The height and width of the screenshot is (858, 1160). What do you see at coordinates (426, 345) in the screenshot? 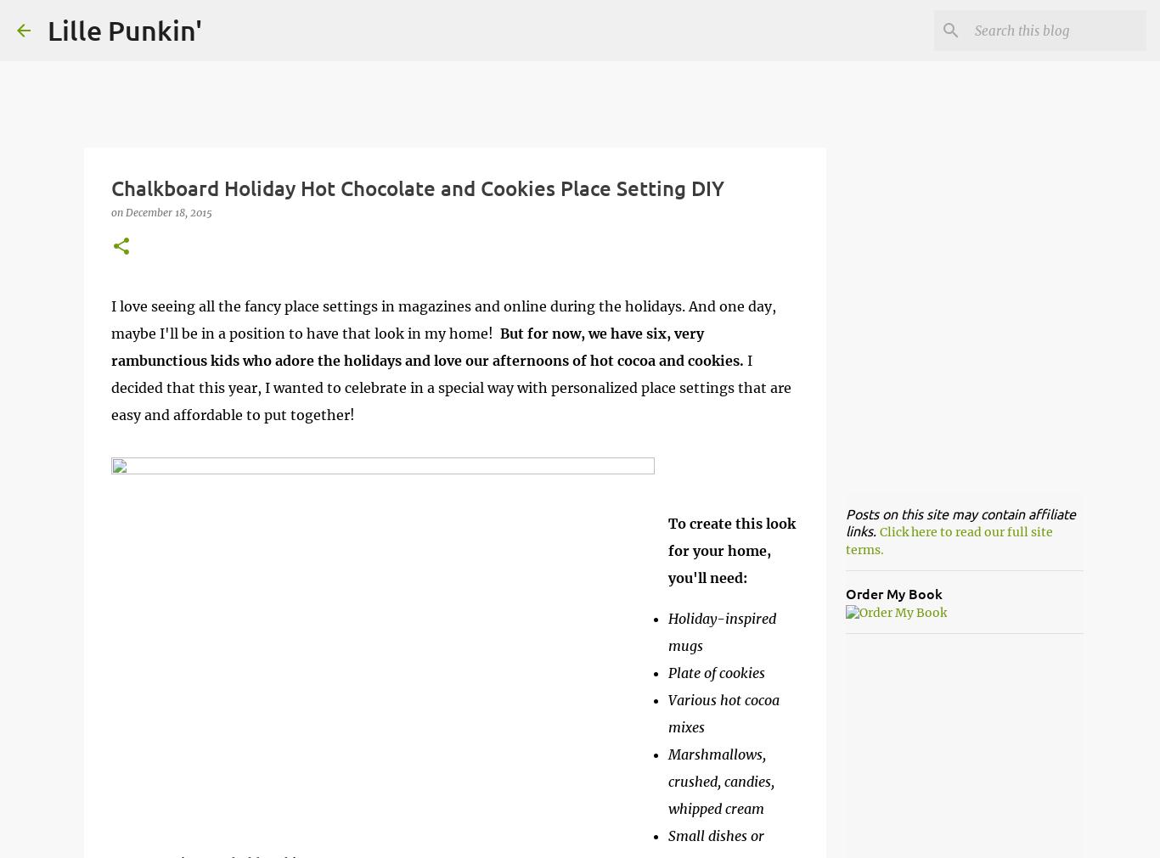
I see `'But for now, we have six, very rambunctious kids who adore the holidays and love our afternoons of hot cocoa and cookies.'` at bounding box center [426, 345].